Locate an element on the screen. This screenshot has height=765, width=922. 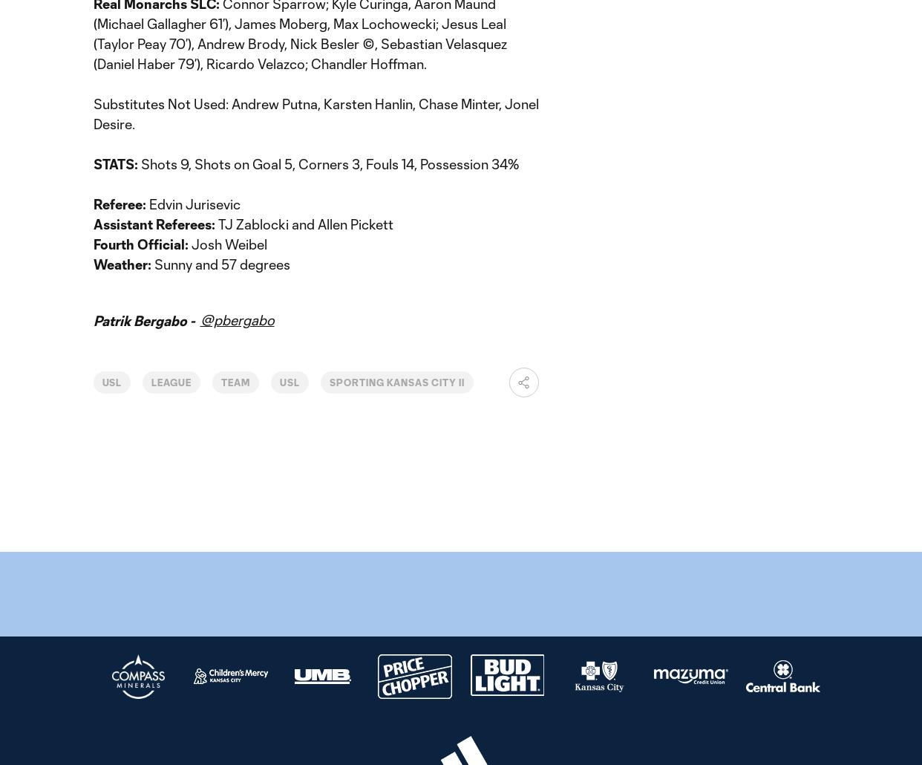
'Assistant Referees:' is located at coordinates (155, 223).